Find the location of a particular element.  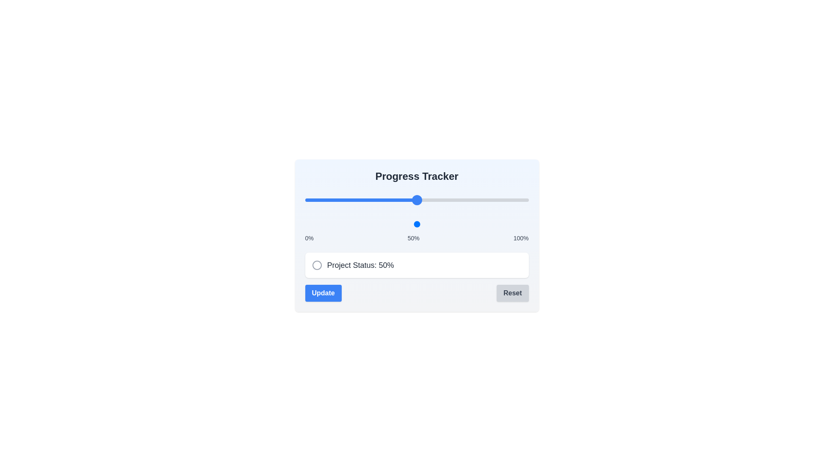

the progress slider to set the progress to 78% is located at coordinates (479, 200).